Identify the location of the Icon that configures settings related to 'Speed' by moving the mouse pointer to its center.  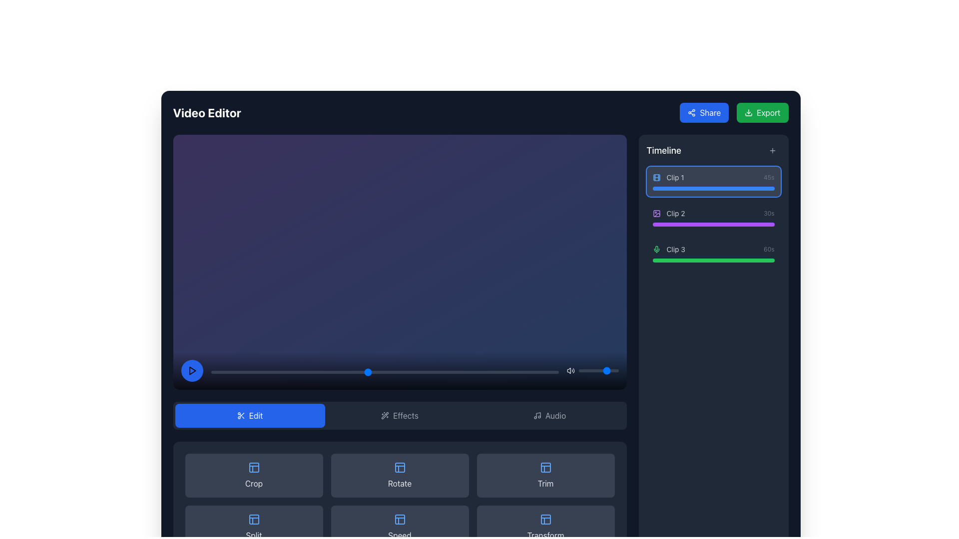
(400, 519).